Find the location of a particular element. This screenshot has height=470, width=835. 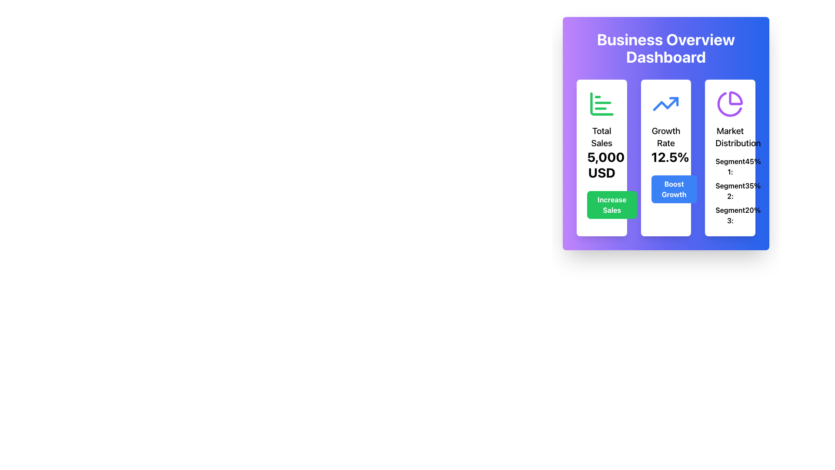

the green rectangular button labeled 'Increase Sales' located at the bottom of the leftmost section, directly below 'Total Sales' and '5,000 USD' is located at coordinates (611, 205).